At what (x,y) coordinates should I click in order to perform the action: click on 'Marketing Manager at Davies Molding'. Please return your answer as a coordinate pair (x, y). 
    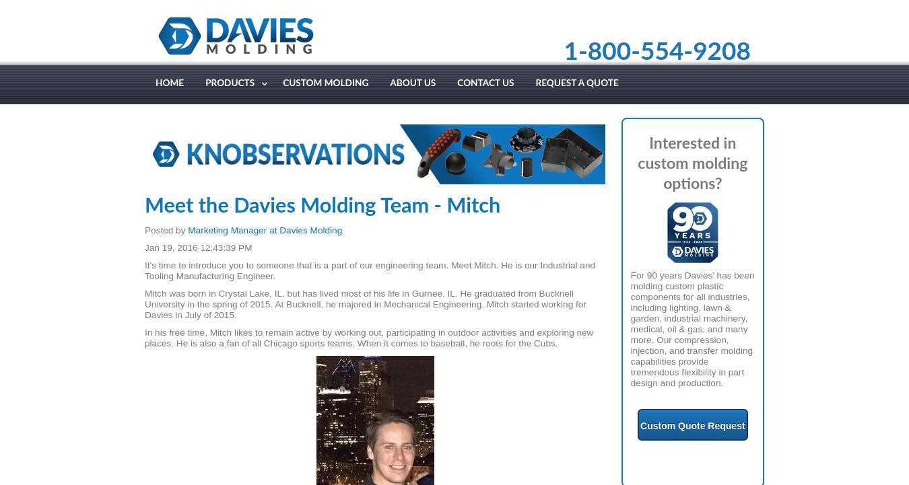
    Looking at the image, I should click on (265, 229).